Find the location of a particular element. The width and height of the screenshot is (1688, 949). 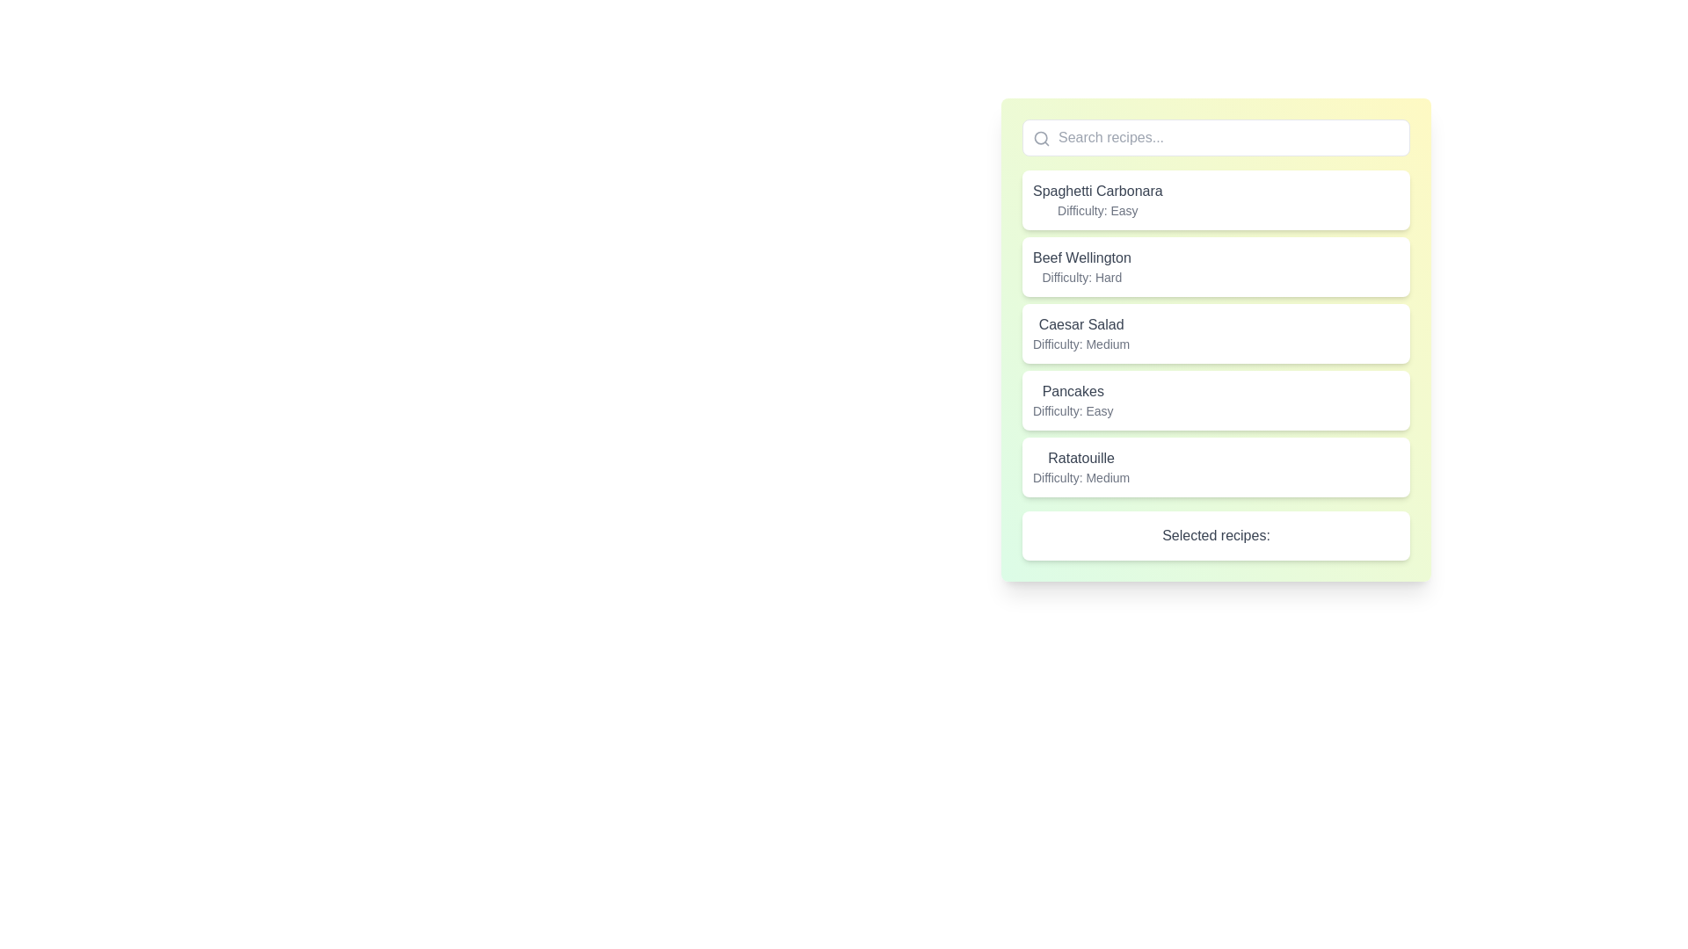

the text label displaying 'Difficulty: Easy', which is located beneath the 'Pancakes' text in the recipe item list is located at coordinates (1072, 410).